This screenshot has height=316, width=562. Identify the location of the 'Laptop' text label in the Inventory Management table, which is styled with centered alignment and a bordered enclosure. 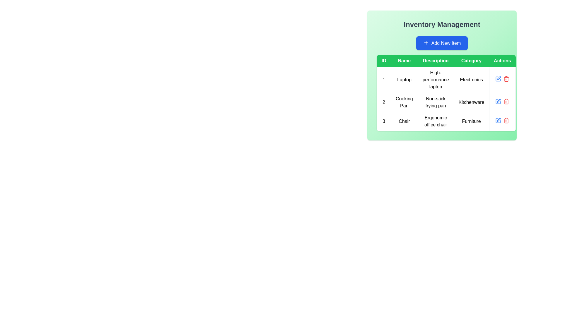
(404, 80).